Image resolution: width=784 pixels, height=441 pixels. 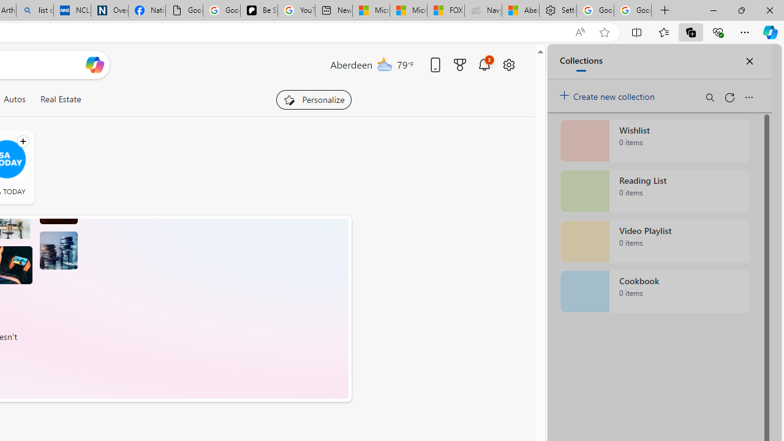 I want to click on 'Favorites', so click(x=663, y=31).